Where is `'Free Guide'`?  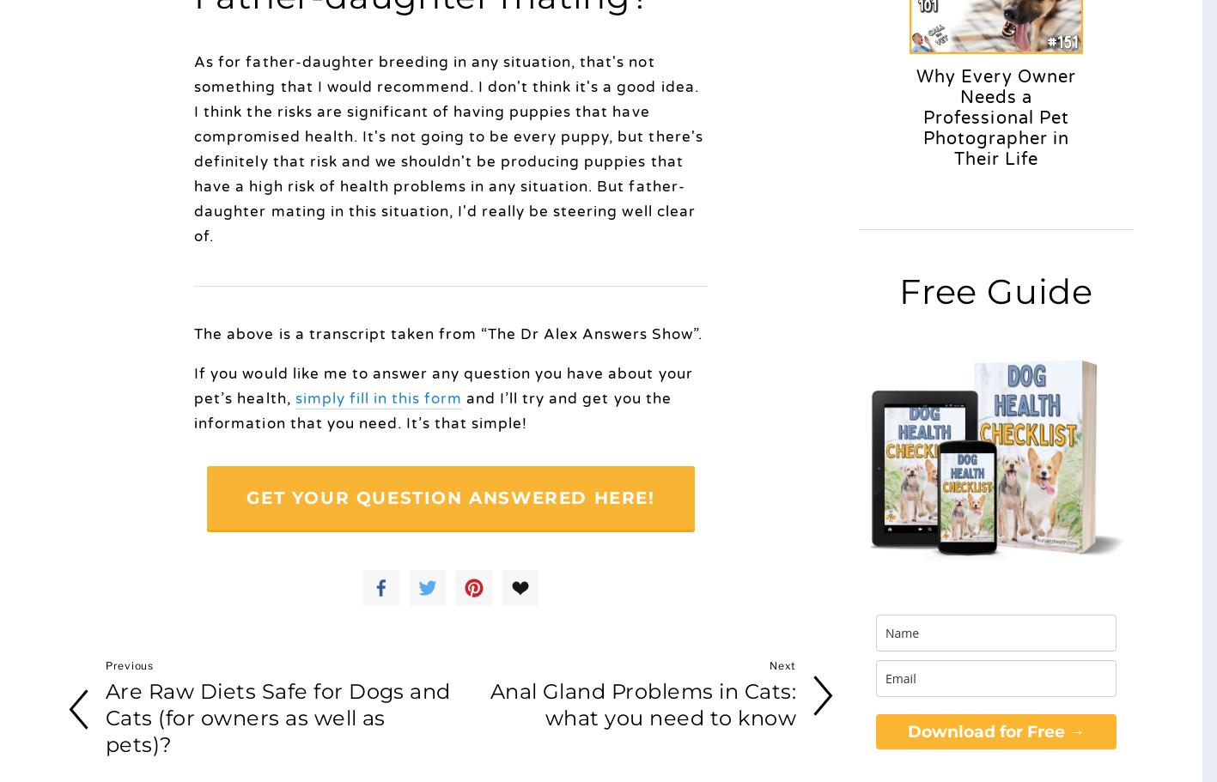
'Free Guide' is located at coordinates (899, 290).